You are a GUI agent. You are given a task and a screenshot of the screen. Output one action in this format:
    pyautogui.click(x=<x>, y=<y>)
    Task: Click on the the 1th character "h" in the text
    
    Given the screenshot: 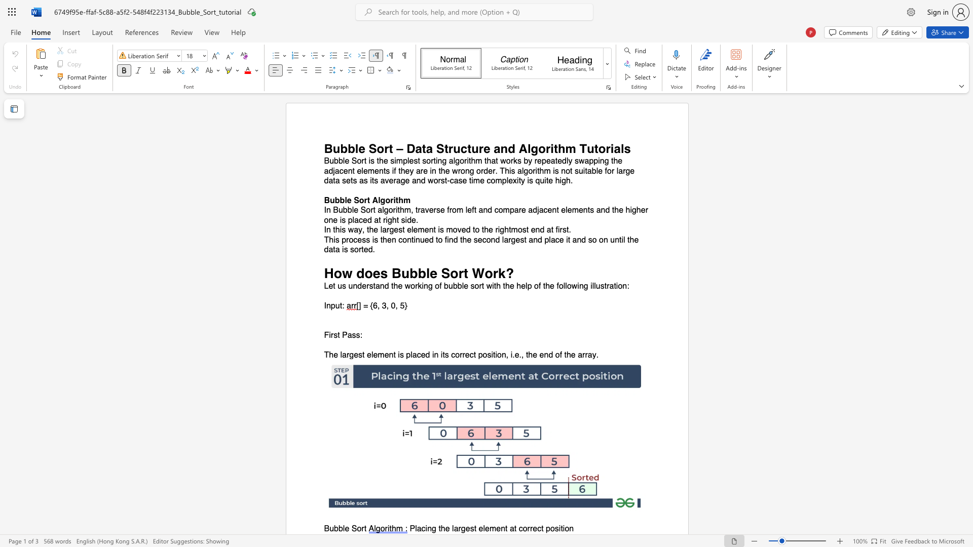 What is the action you would take?
    pyautogui.click(x=401, y=210)
    